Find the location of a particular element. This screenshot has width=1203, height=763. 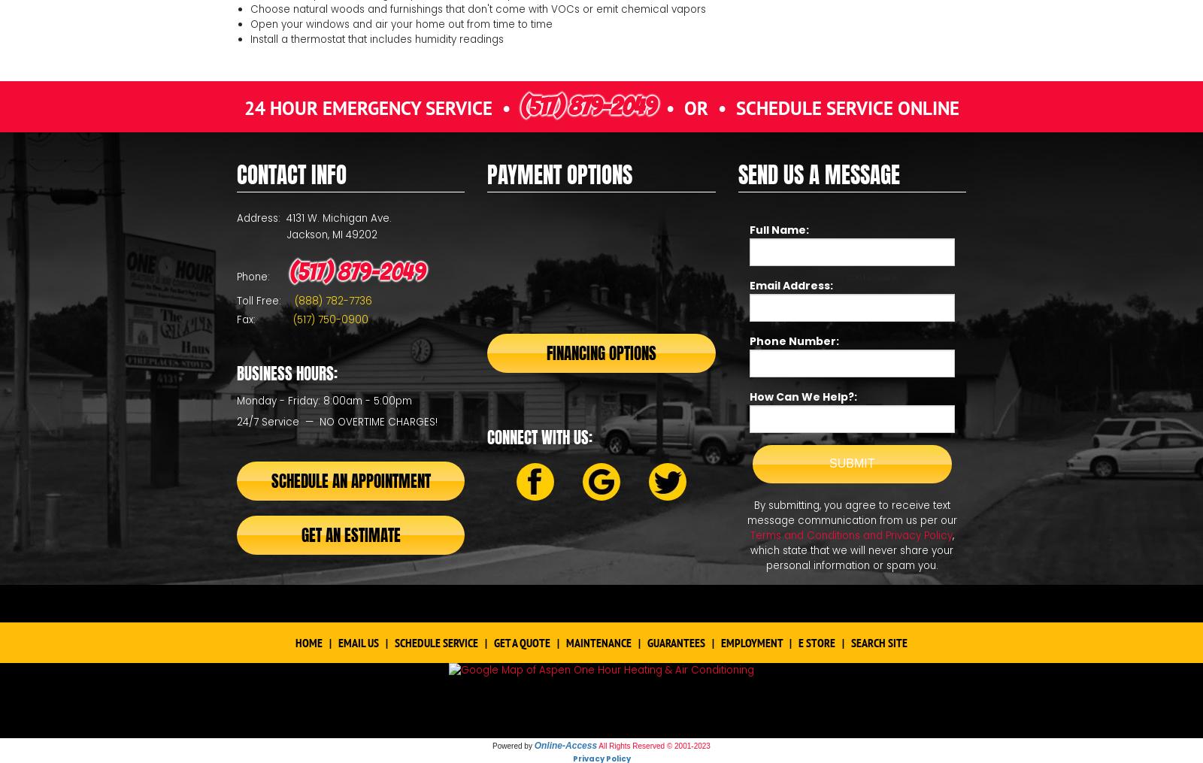

'24/7 Service  —  NO OVERTIME CHARGES!' is located at coordinates (336, 421).